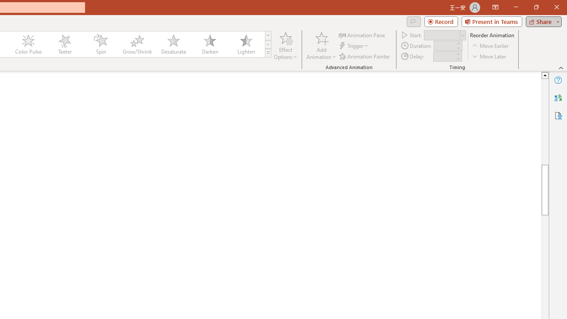  Describe the element at coordinates (444, 56) in the screenshot. I see `'Animation Delay'` at that location.